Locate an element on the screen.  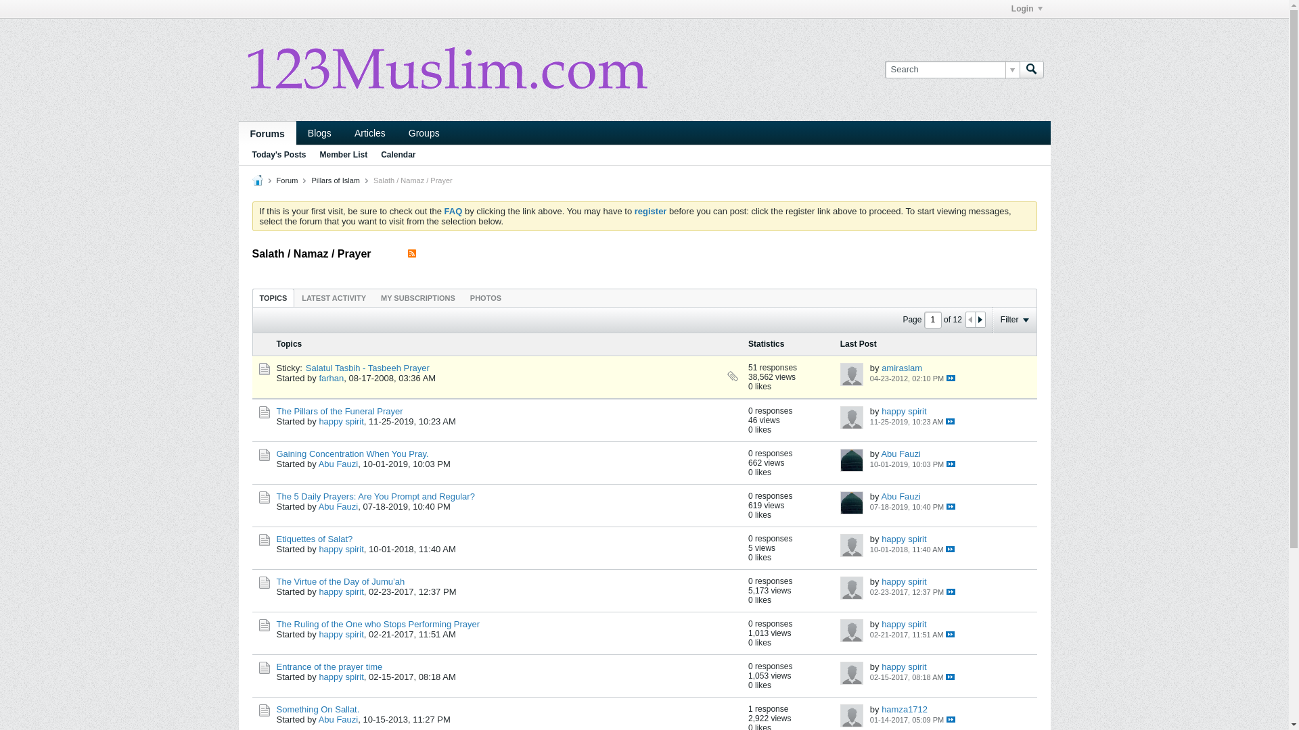
'happy spirit' is located at coordinates (850, 416).